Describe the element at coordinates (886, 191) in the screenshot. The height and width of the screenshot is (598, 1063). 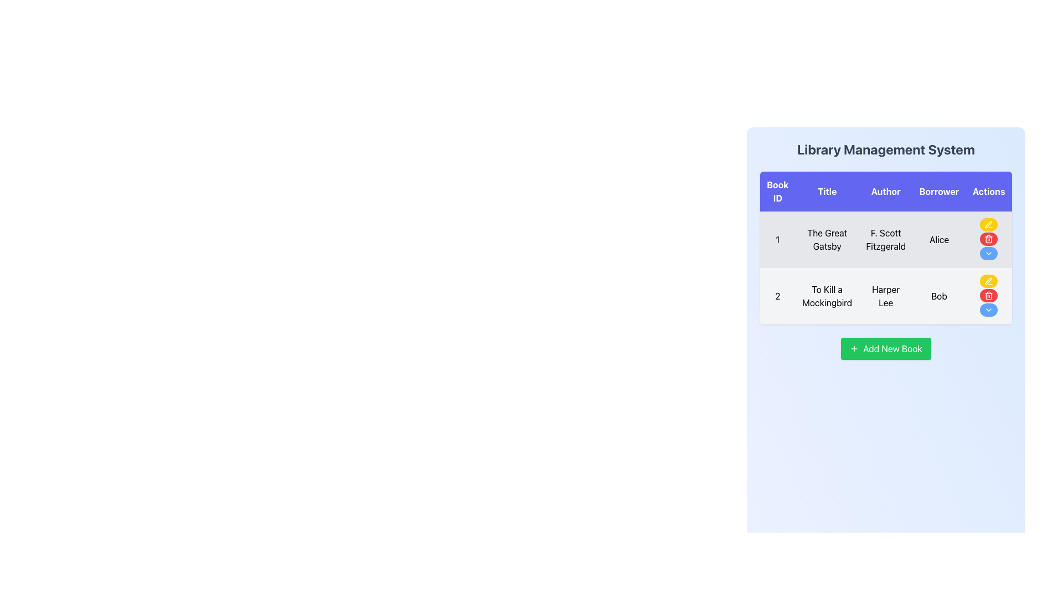
I see `the static header row of the table that labels the columns for book details in the 'Library Management System'` at that location.